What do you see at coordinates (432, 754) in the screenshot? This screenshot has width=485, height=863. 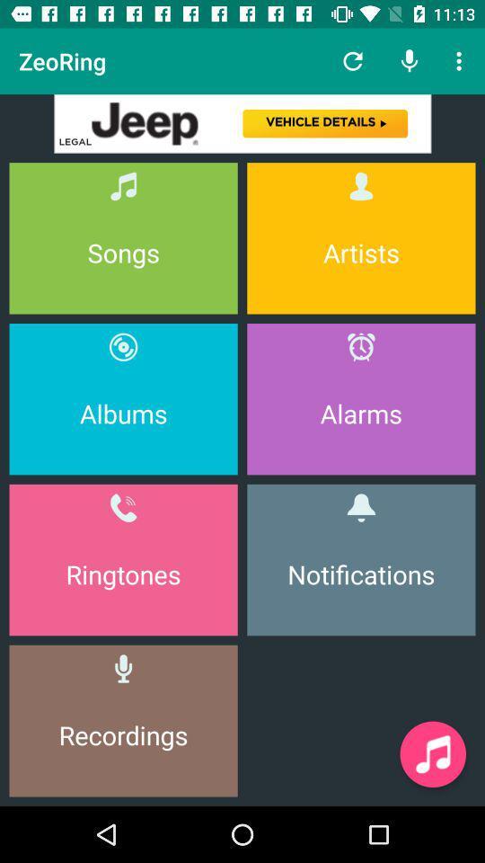 I see `music` at bounding box center [432, 754].